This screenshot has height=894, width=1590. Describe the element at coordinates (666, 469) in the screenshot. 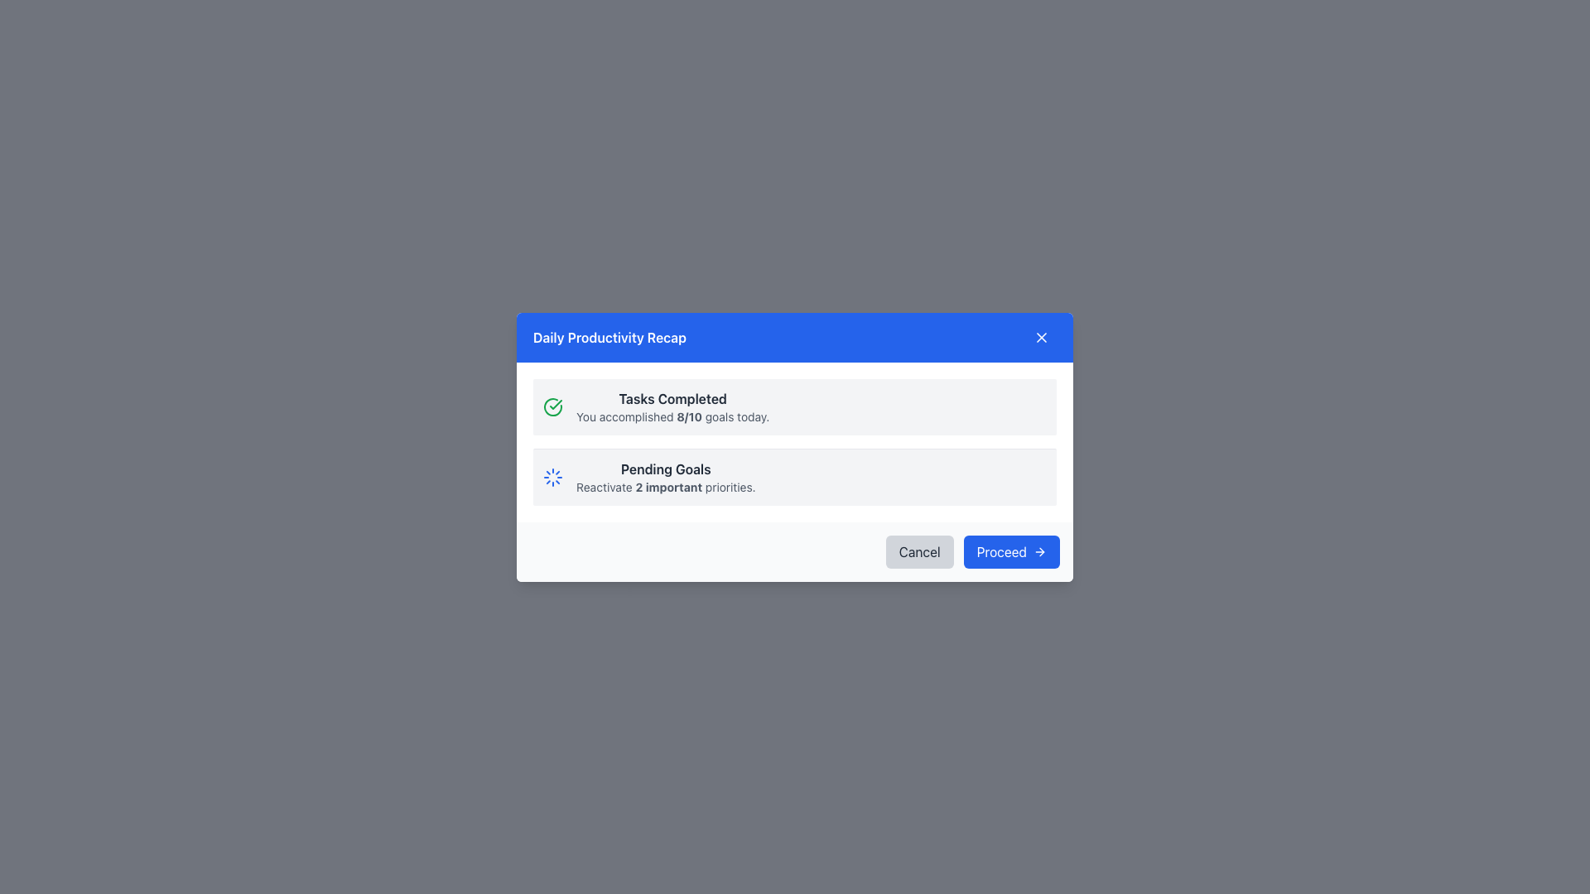

I see `the Text Label that summarizes the content below it in the 'Daily Productivity Recap' dialog box, positioned above the descriptive text 'Reactivate 2 important priorities.'` at that location.